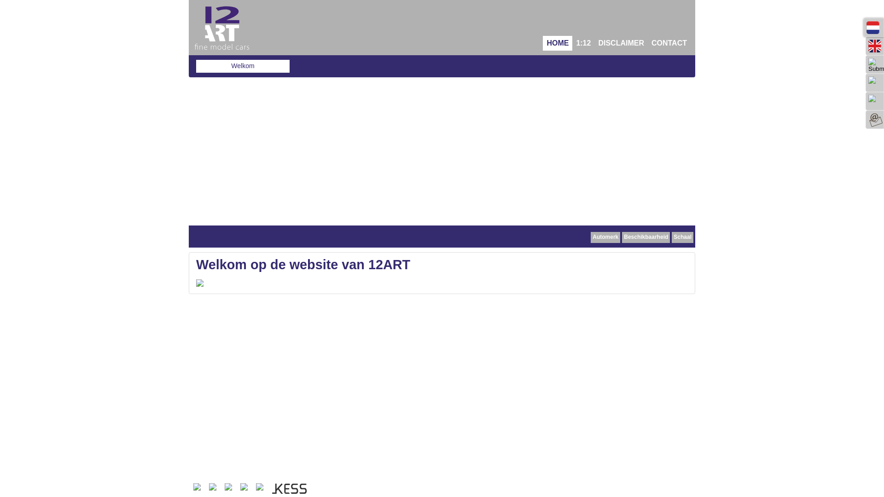 The height and width of the screenshot is (497, 884). What do you see at coordinates (605, 237) in the screenshot?
I see `'Automerk'` at bounding box center [605, 237].